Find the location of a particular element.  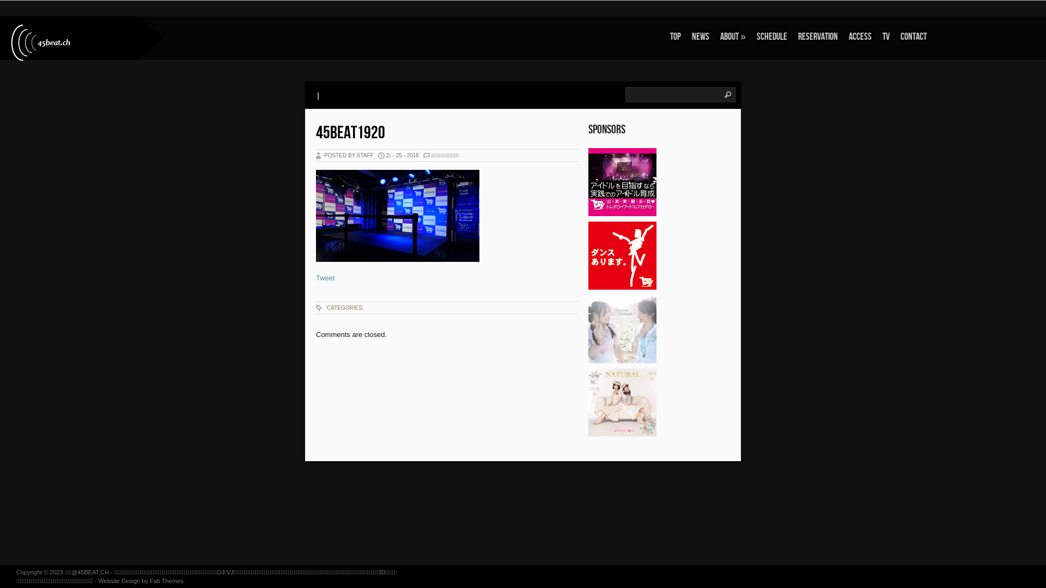

'Fab Themes' is located at coordinates (166, 580).